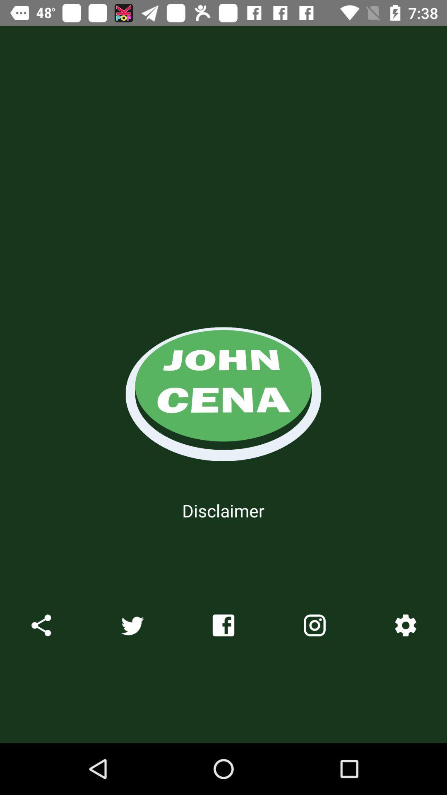  What do you see at coordinates (405, 625) in the screenshot?
I see `the settings icon` at bounding box center [405, 625].